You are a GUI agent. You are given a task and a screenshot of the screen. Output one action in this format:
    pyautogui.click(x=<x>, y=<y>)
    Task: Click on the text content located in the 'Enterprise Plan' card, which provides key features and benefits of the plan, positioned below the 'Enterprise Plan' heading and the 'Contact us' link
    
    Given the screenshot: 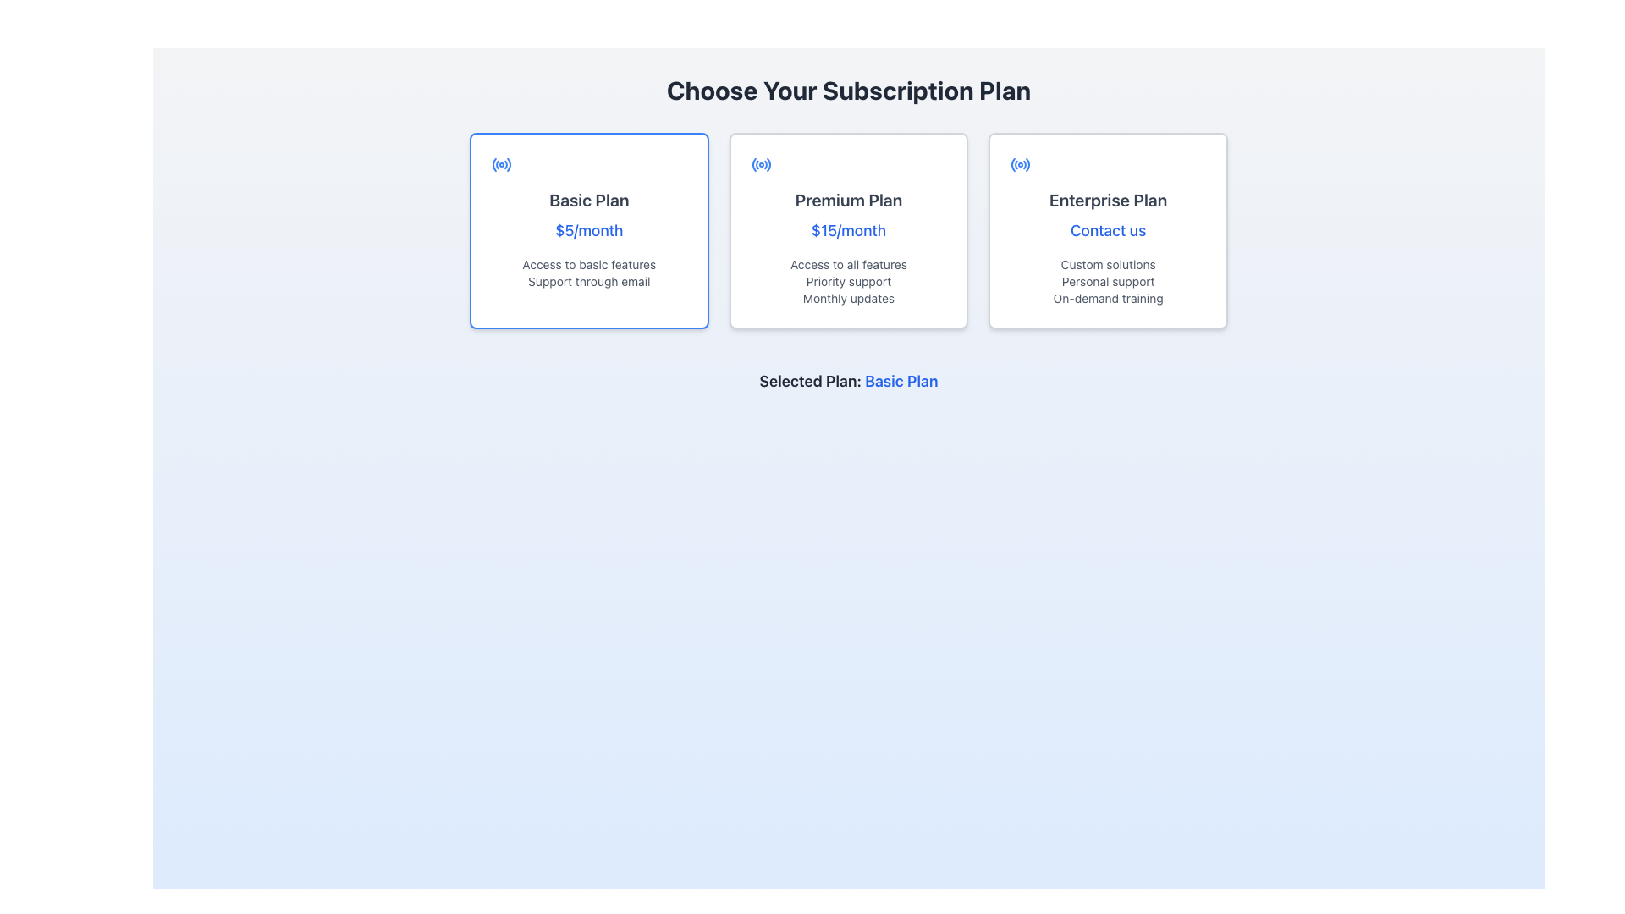 What is the action you would take?
    pyautogui.click(x=1108, y=280)
    